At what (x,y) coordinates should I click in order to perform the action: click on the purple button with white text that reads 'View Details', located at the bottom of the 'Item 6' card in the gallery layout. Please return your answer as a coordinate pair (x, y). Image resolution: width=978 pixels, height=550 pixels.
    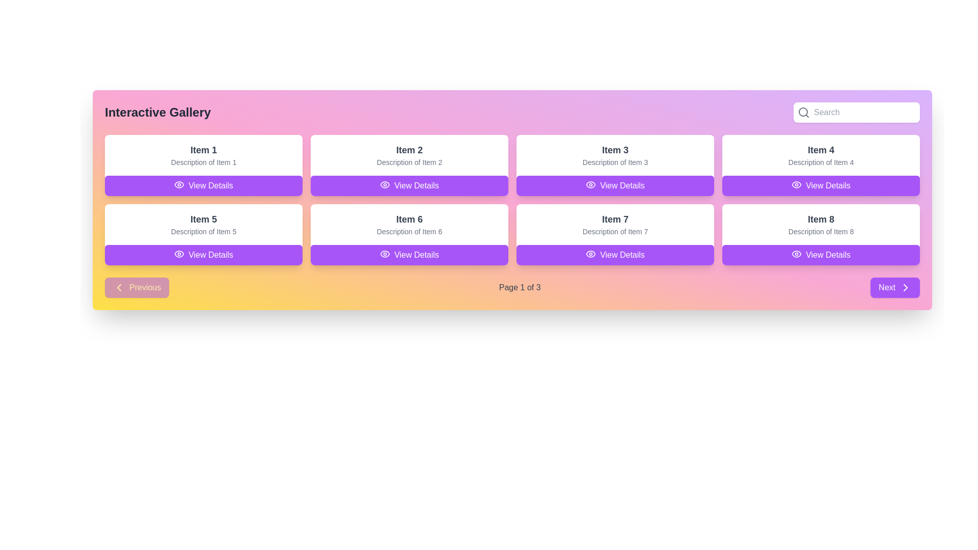
    Looking at the image, I should click on (410, 255).